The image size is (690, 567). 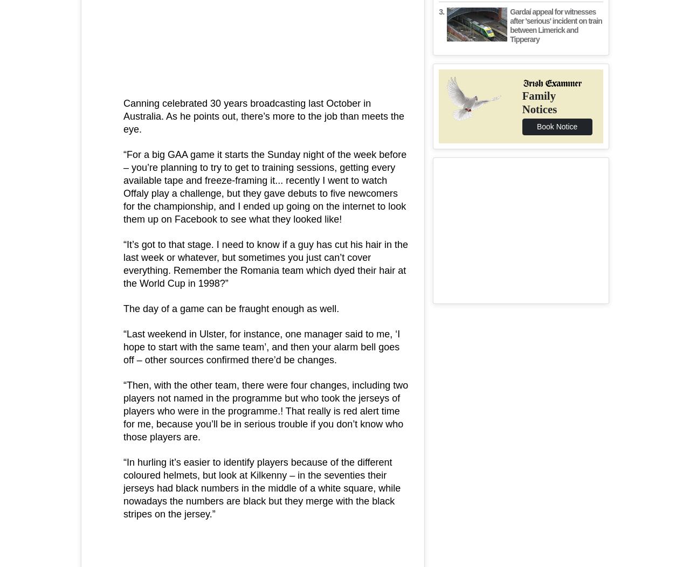 What do you see at coordinates (427, 208) in the screenshot?
I see `'Contact Us'` at bounding box center [427, 208].